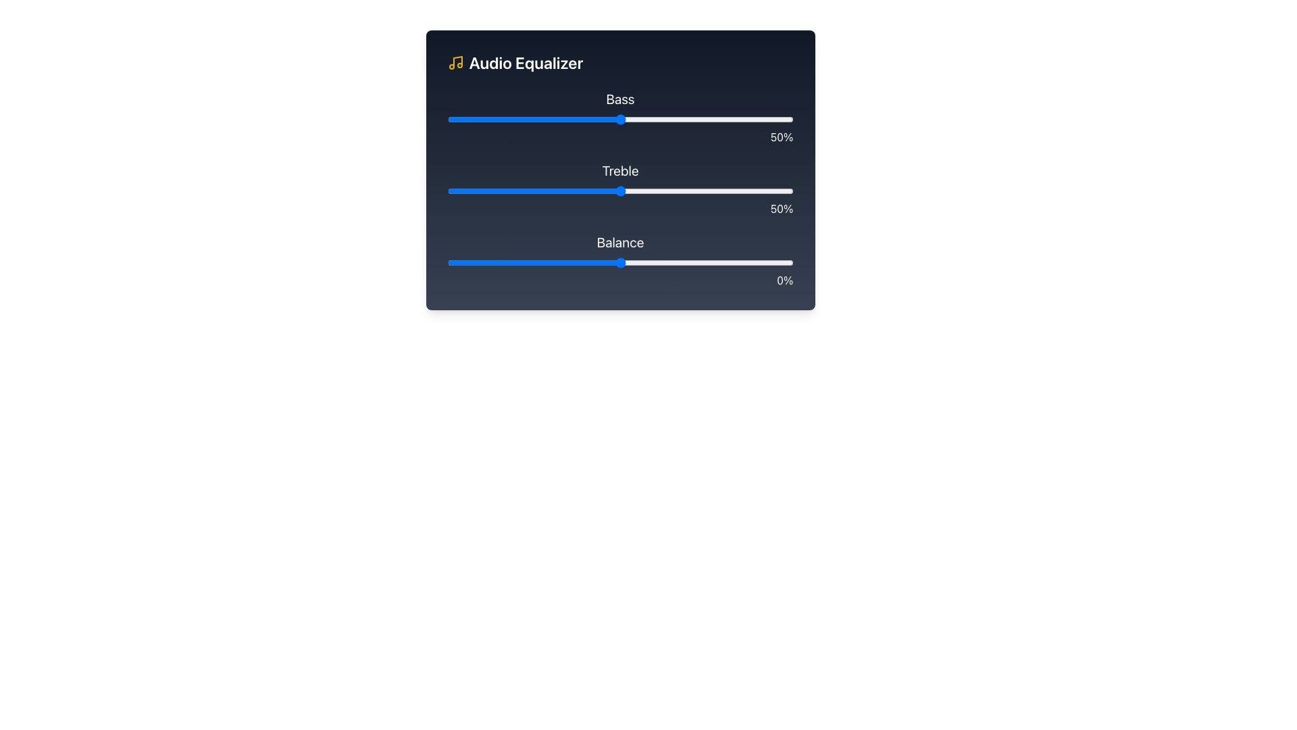 This screenshot has width=1297, height=730. I want to click on the treble level, so click(505, 191).